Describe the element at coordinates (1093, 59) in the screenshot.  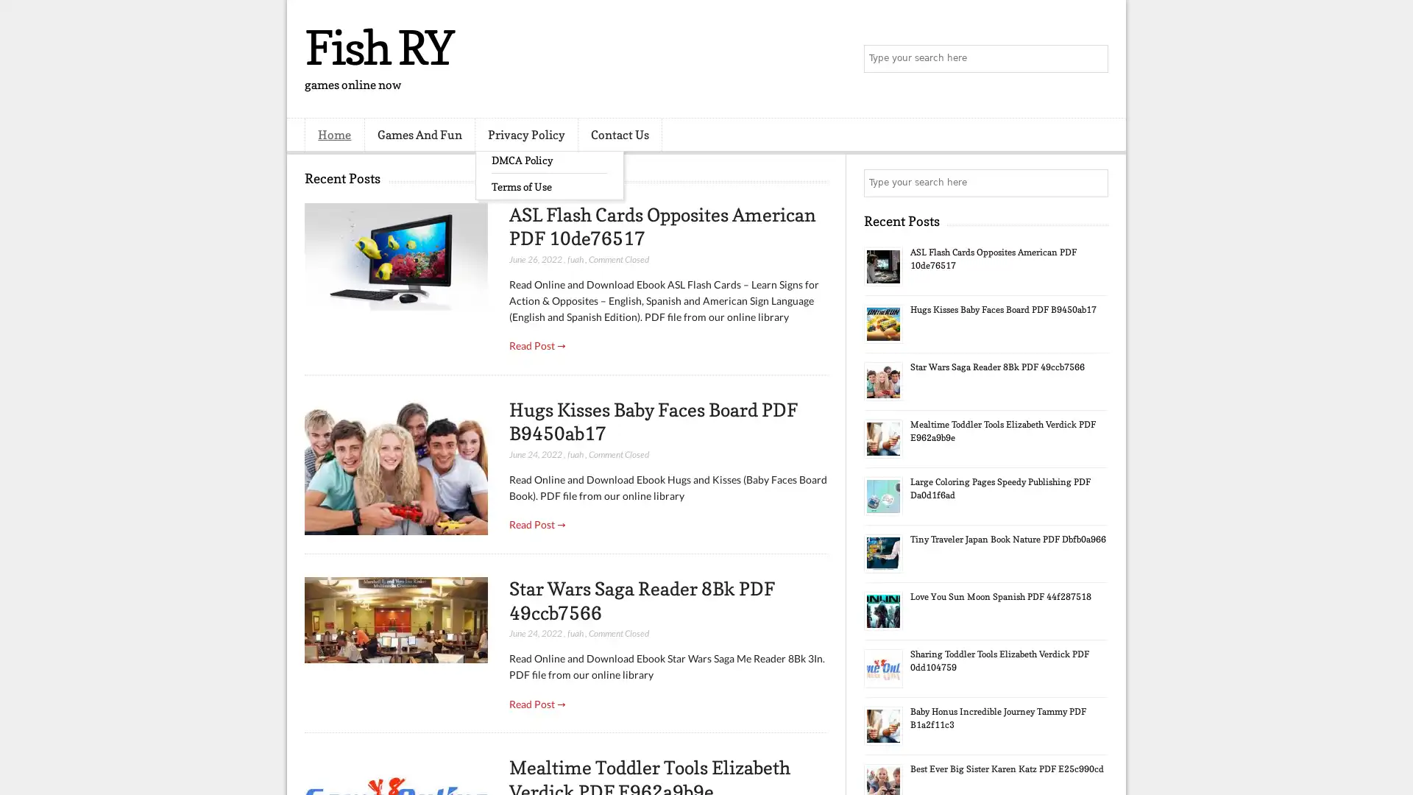
I see `Search` at that location.